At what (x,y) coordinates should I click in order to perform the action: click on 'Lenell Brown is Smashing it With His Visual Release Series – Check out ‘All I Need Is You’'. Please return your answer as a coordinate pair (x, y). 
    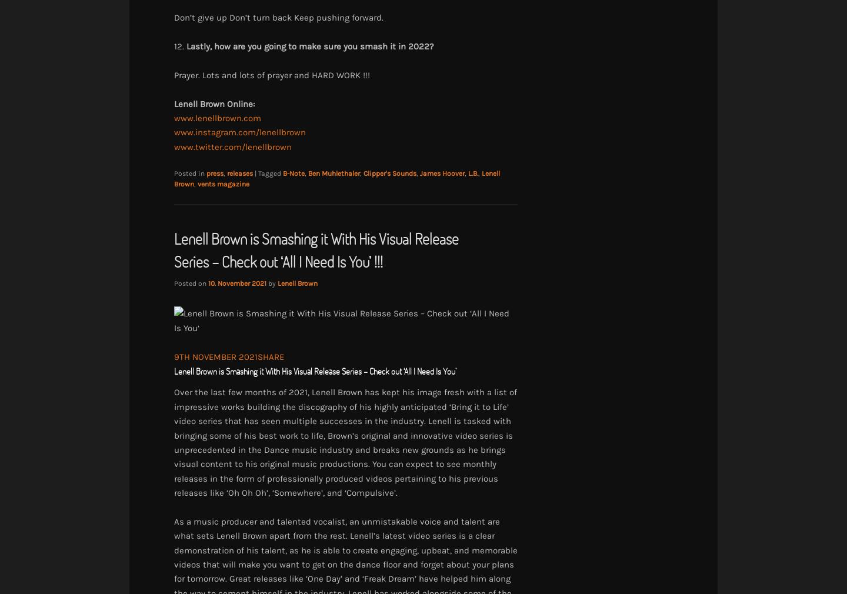
    Looking at the image, I should click on (314, 370).